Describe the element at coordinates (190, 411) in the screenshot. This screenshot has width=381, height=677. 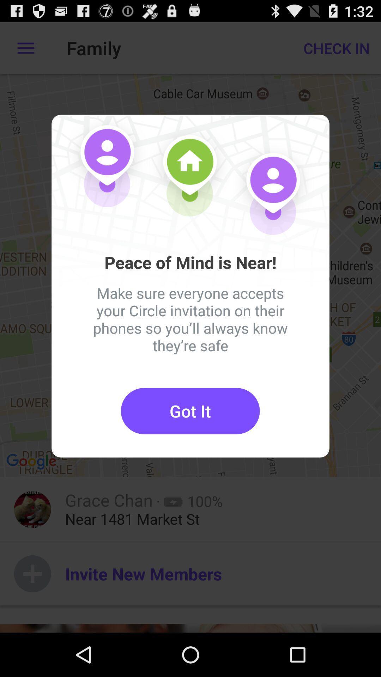
I see `the got it` at that location.